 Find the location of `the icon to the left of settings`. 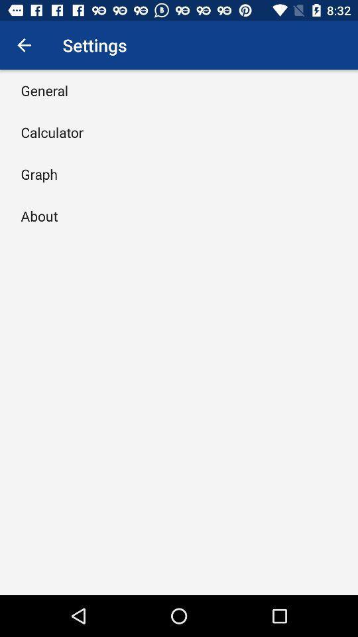

the icon to the left of settings is located at coordinates (24, 45).